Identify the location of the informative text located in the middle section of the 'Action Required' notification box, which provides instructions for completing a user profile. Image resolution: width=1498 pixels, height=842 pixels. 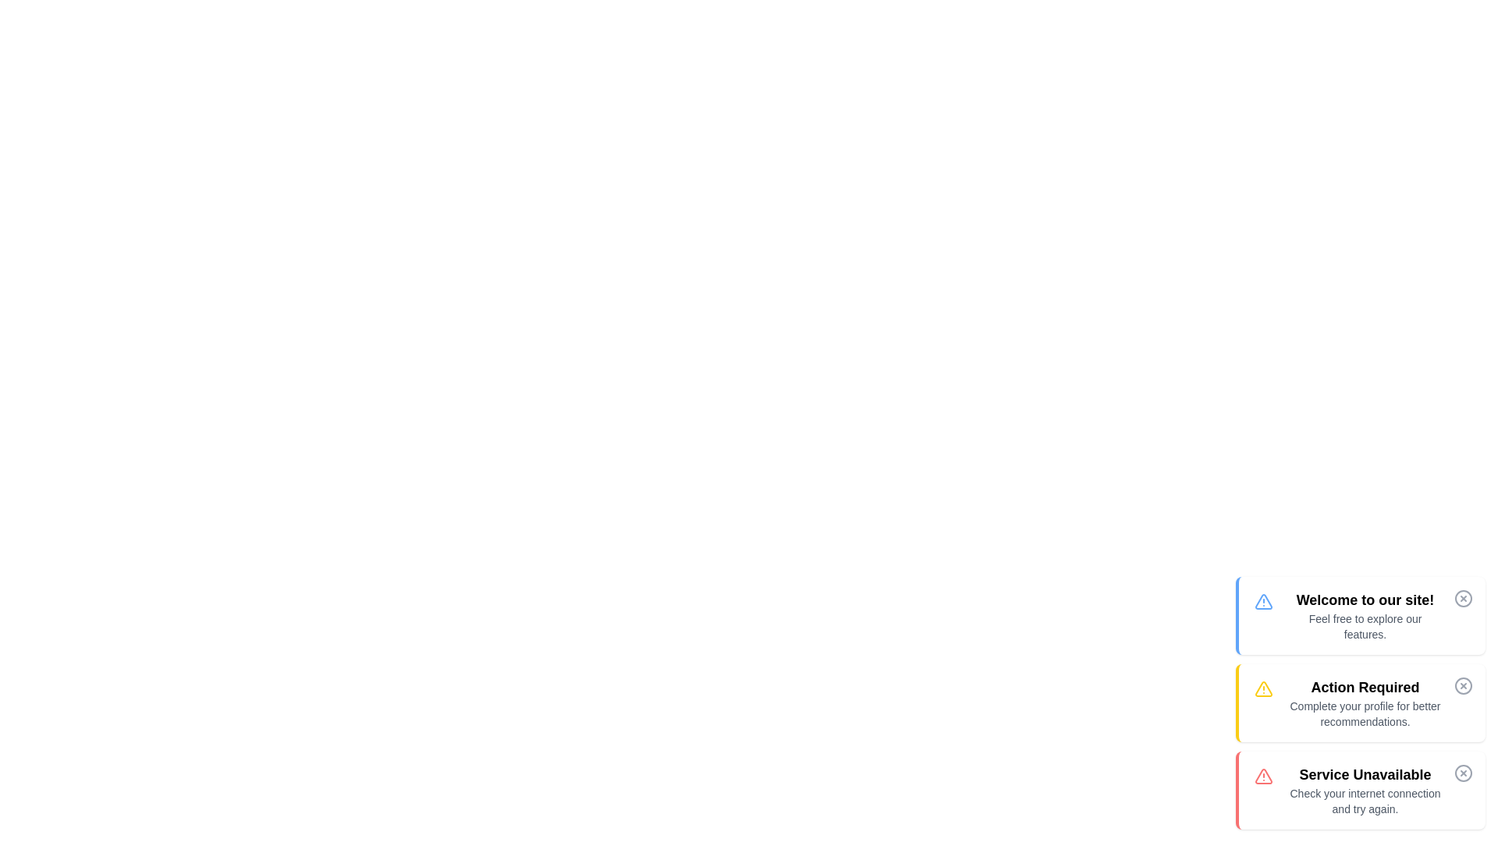
(1365, 713).